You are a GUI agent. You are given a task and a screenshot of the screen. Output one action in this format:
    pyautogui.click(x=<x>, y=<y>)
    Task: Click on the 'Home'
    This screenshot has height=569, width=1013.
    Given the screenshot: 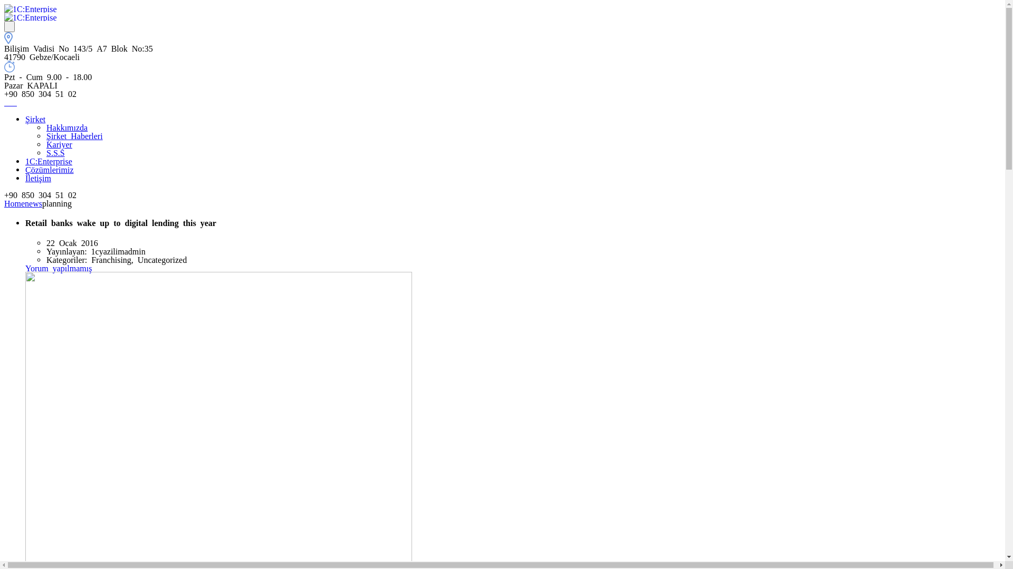 What is the action you would take?
    pyautogui.click(x=4, y=203)
    